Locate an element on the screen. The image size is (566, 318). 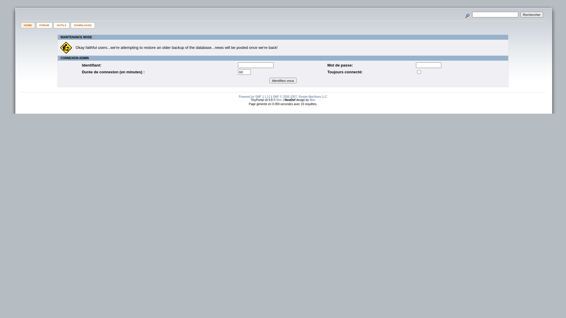
'DOWNLOADS' is located at coordinates (71, 25).